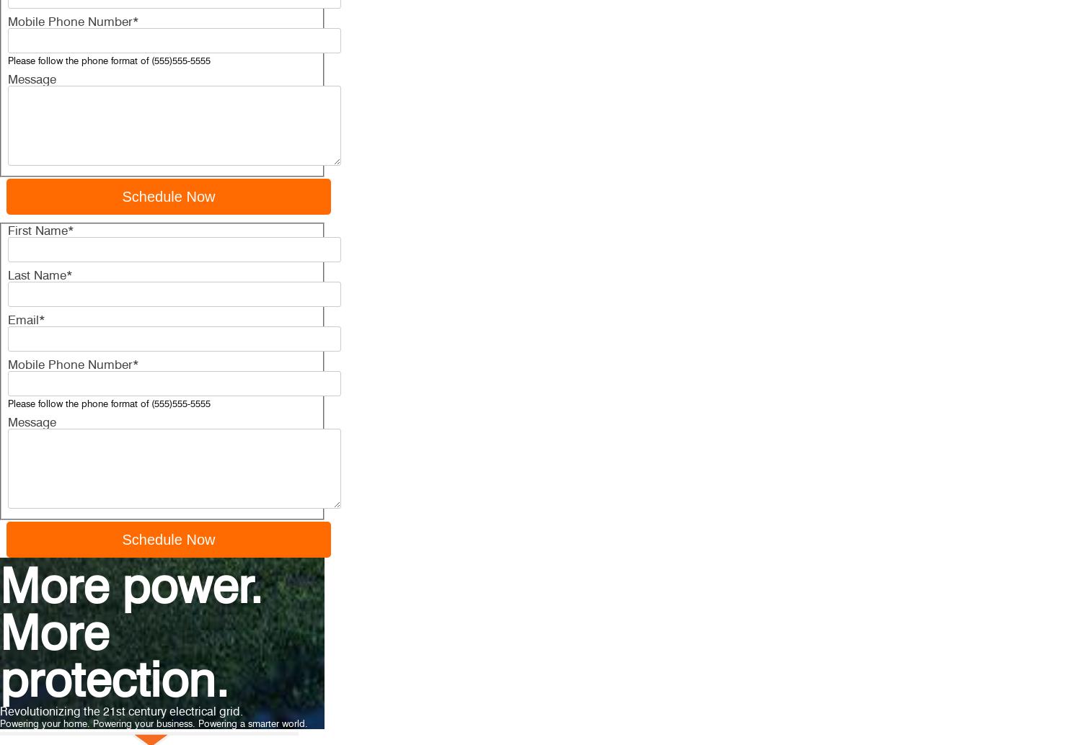  Describe the element at coordinates (37, 230) in the screenshot. I see `'First Name'` at that location.